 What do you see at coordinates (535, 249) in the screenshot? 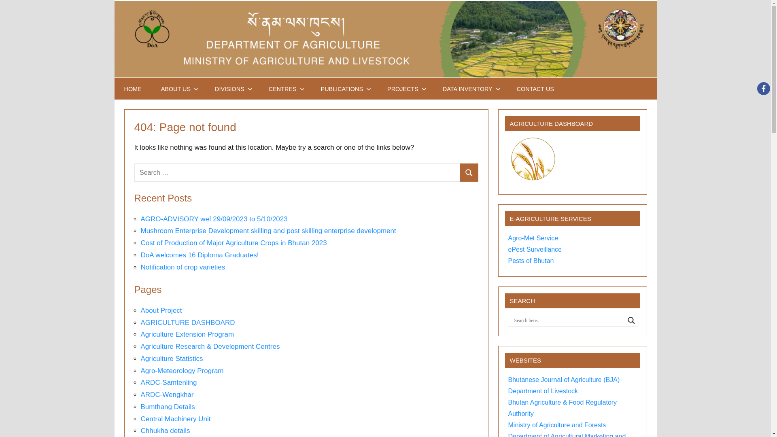
I see `'ePest Surveillance'` at bounding box center [535, 249].